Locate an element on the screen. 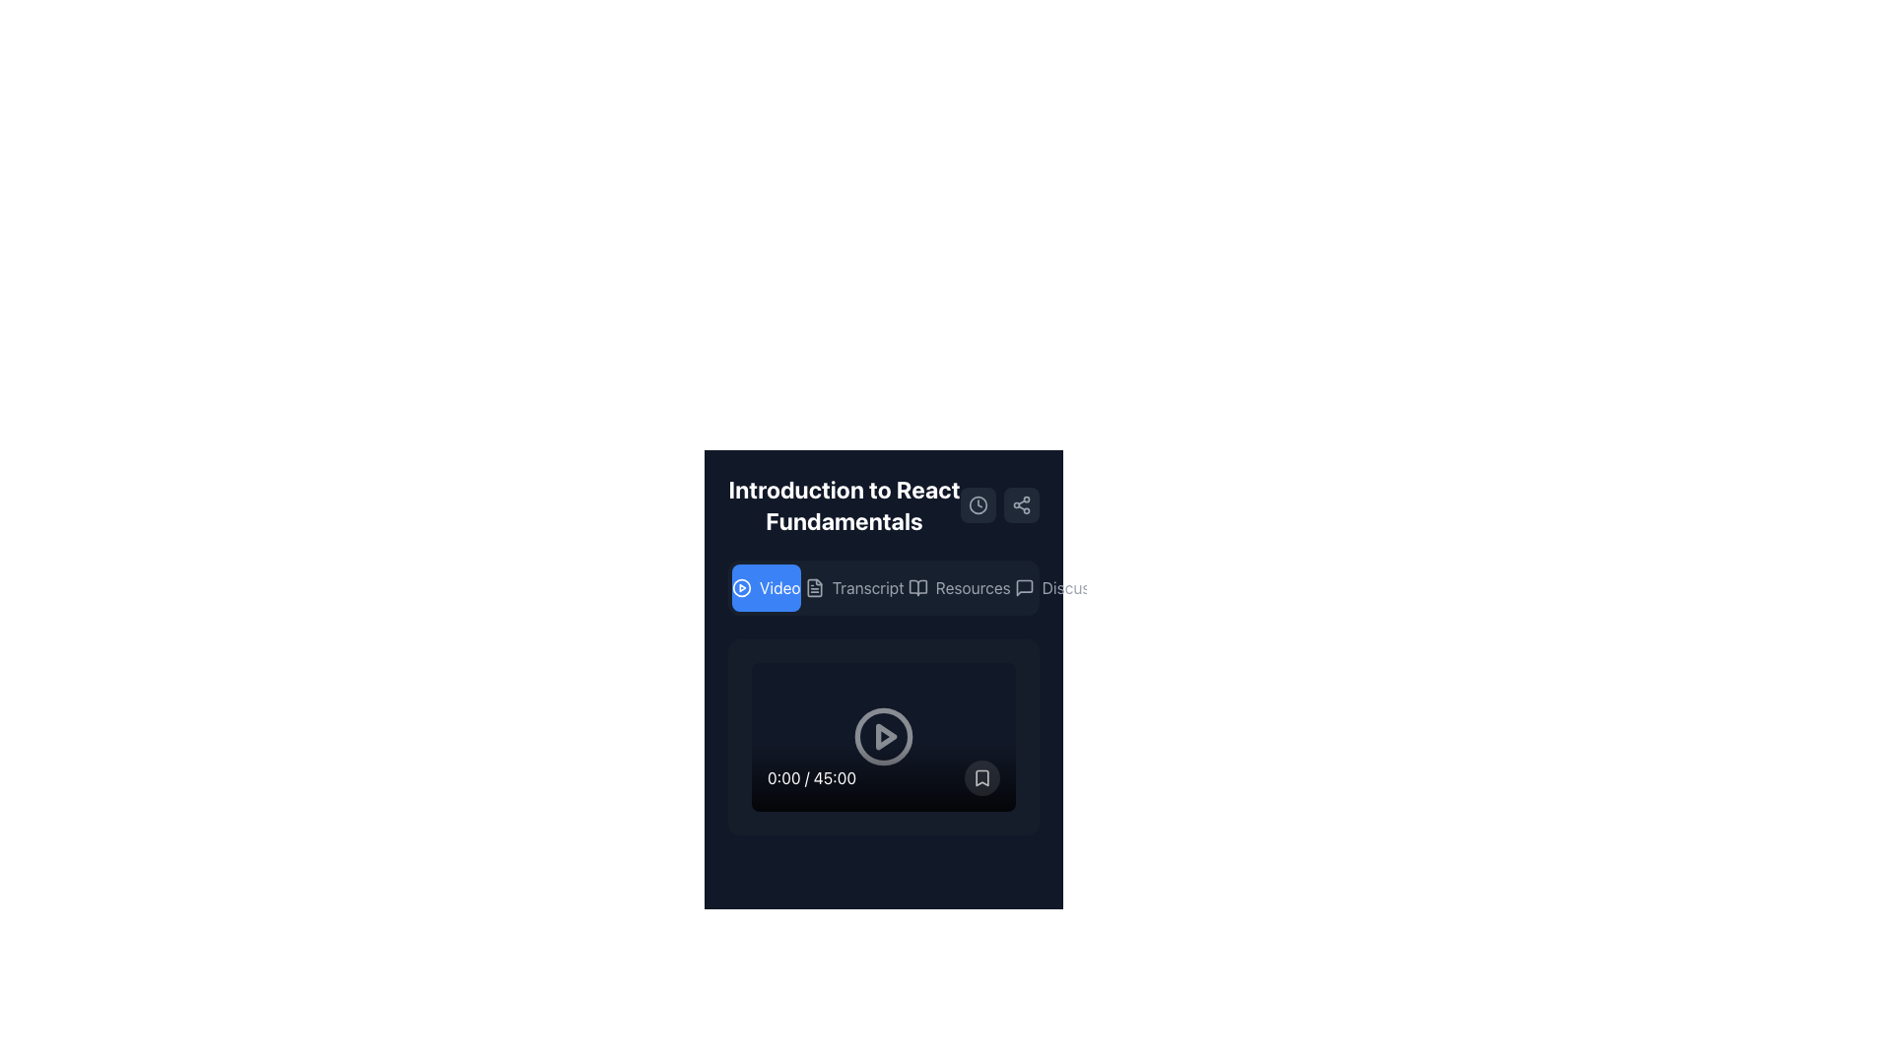  the play icon representing the video button for 'Introduction to React Fundamentals' by moving the cursor to its center is located at coordinates (741, 587).